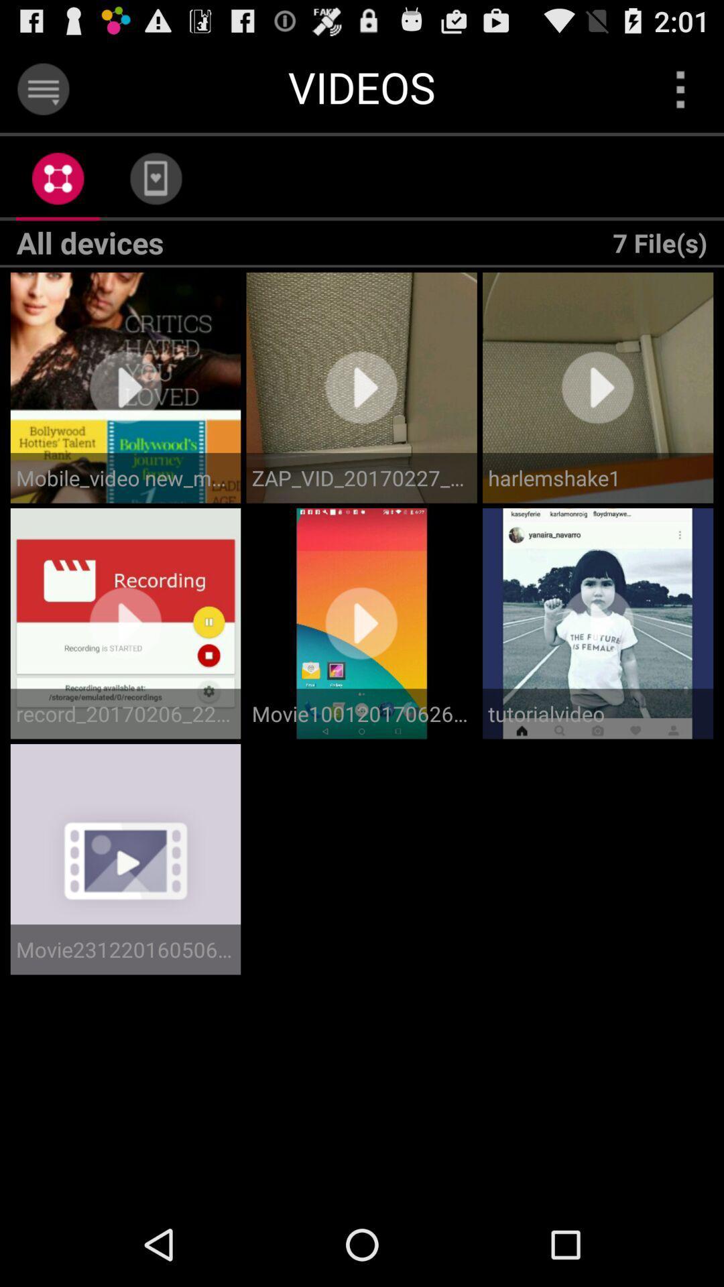 Image resolution: width=724 pixels, height=1287 pixels. Describe the element at coordinates (680, 95) in the screenshot. I see `the more icon` at that location.